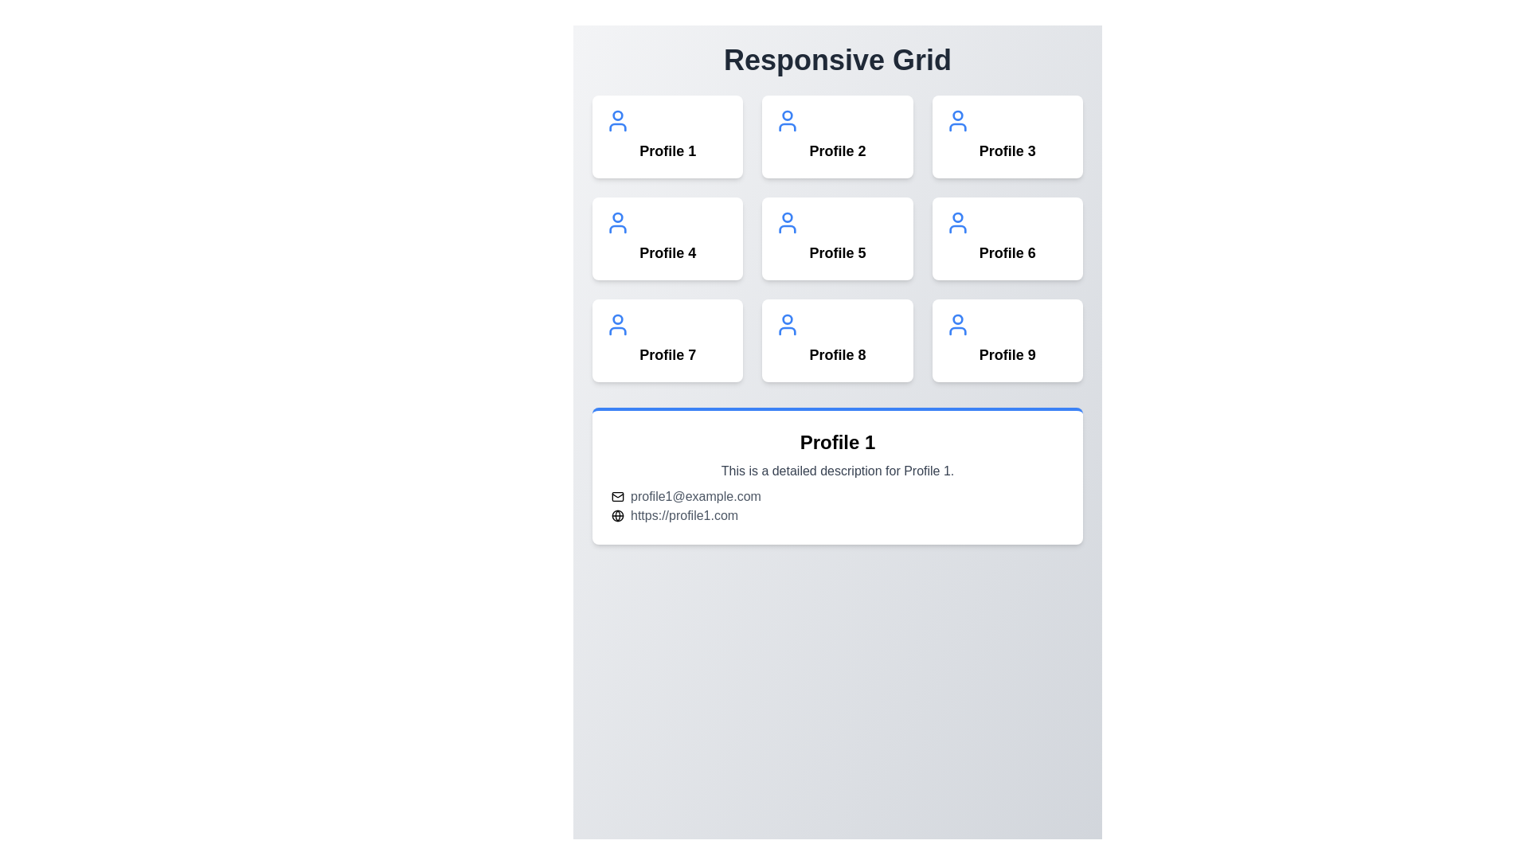 The image size is (1529, 860). What do you see at coordinates (1007, 252) in the screenshot?
I see `text from the title label of the profile card located in the second row and second column of the grid layout` at bounding box center [1007, 252].